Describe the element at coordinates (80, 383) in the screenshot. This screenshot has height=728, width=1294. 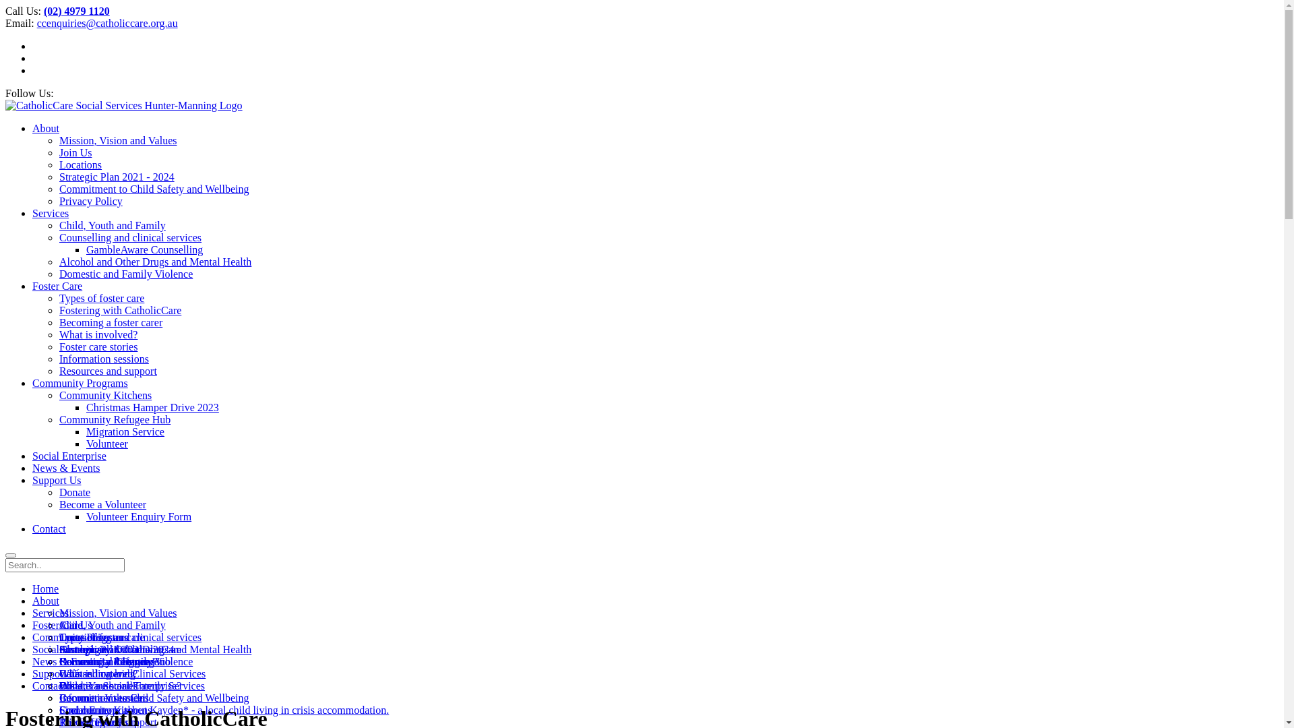
I see `'Community Programs'` at that location.